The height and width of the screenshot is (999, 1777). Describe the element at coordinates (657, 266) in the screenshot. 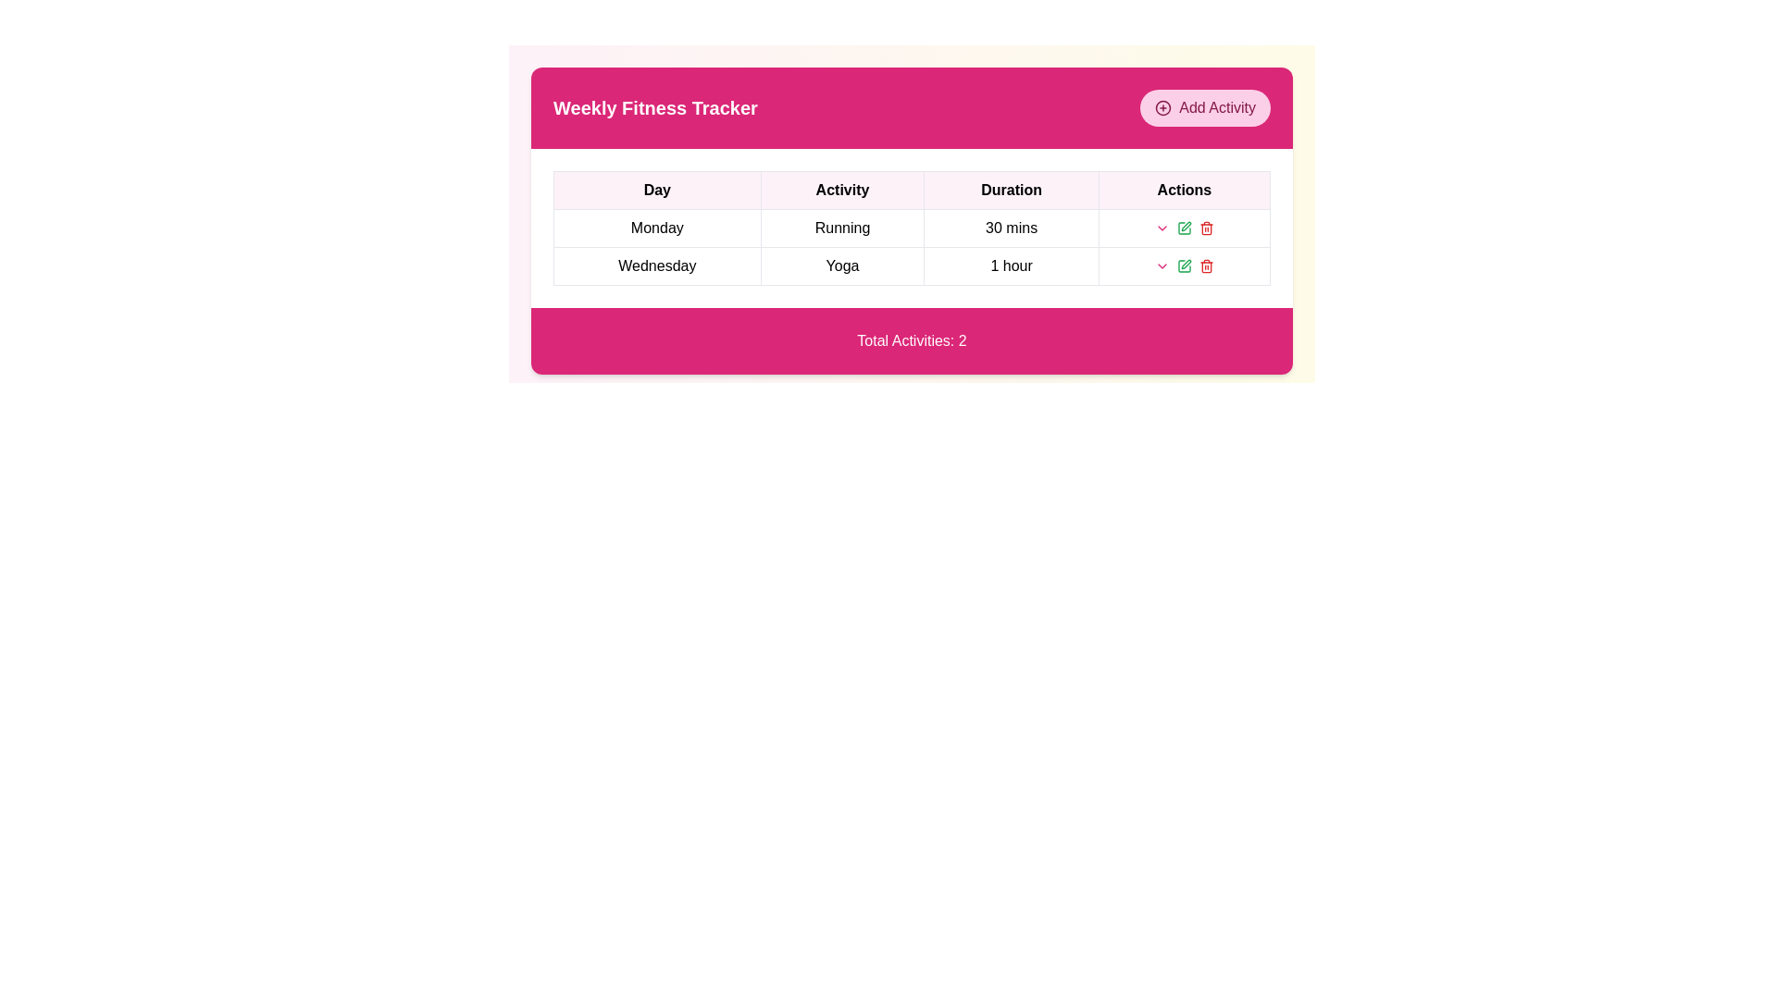

I see `the static text displaying 'Wednesday' located in the second row of the table under the 'Day' column` at that location.